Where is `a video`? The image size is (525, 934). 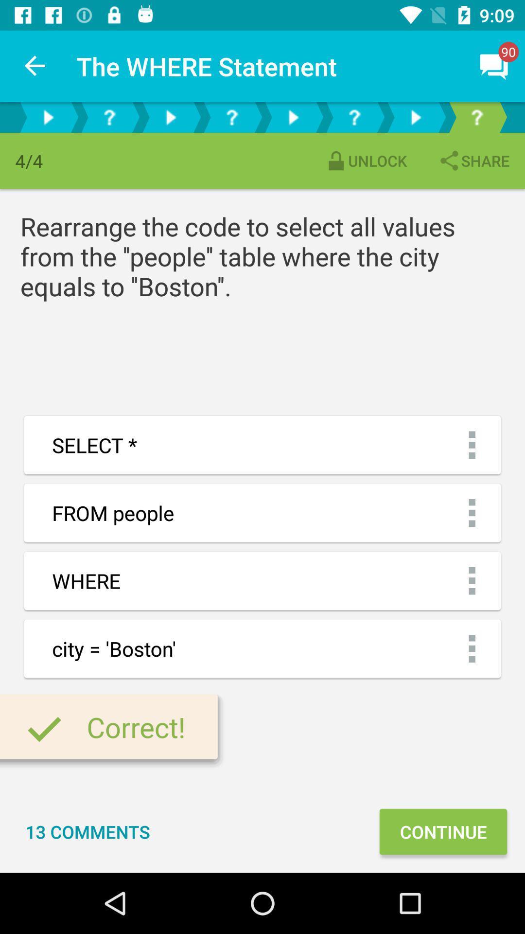 a video is located at coordinates (170, 117).